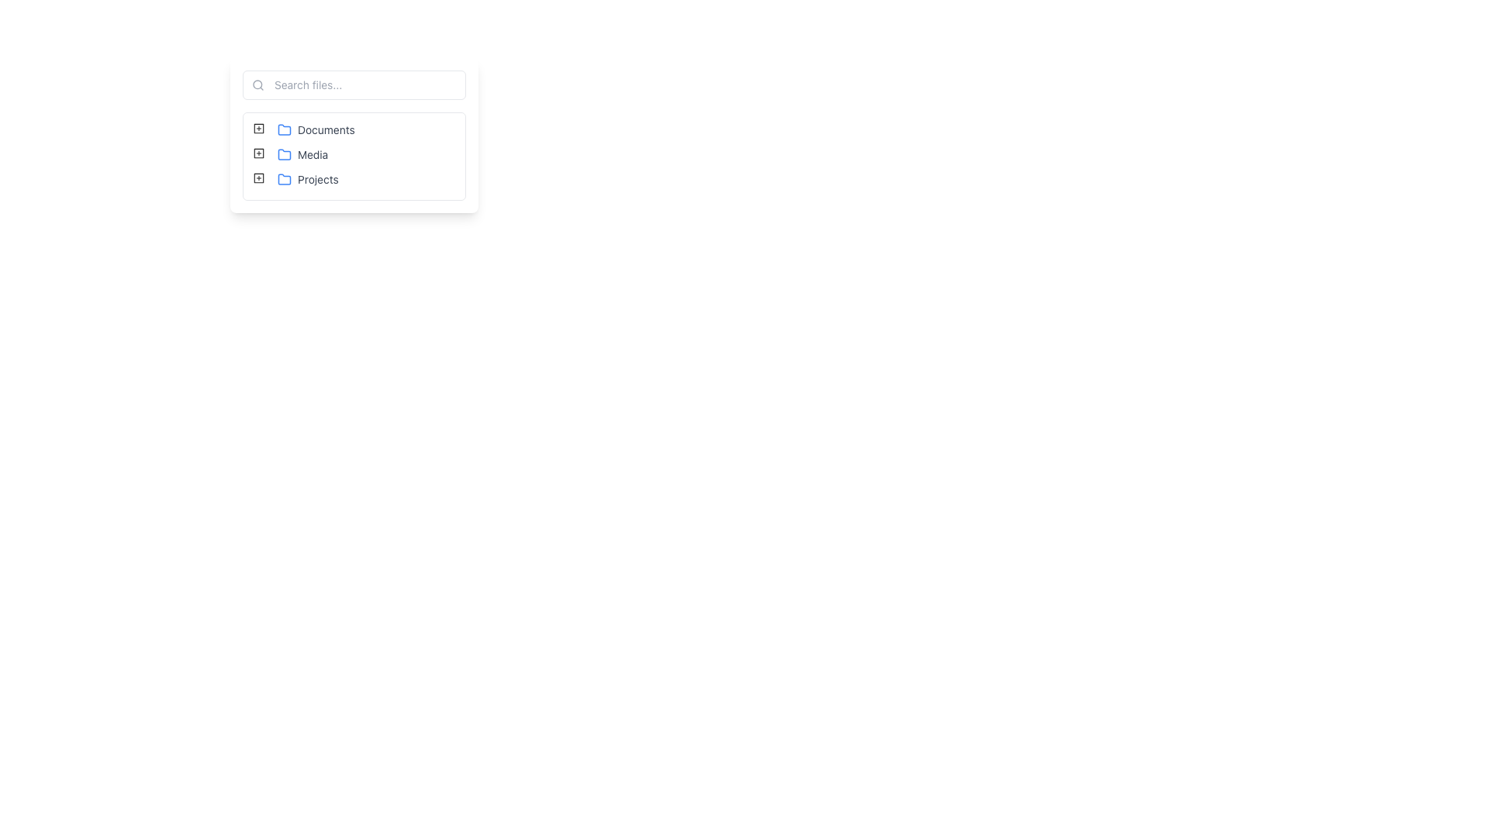  Describe the element at coordinates (257, 85) in the screenshot. I see `the magnifying glass icon within the search bar, which indicates the search function for the user` at that location.